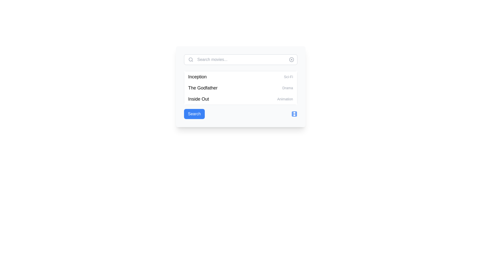  What do you see at coordinates (240, 87) in the screenshot?
I see `the movie entry list item for 'The Godfather'` at bounding box center [240, 87].